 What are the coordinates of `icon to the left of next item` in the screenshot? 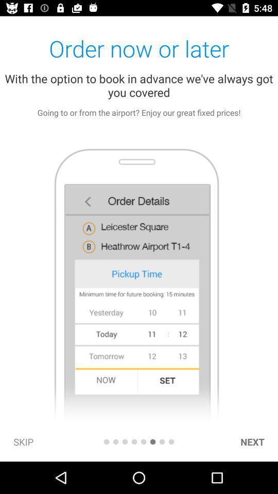 It's located at (171, 441).